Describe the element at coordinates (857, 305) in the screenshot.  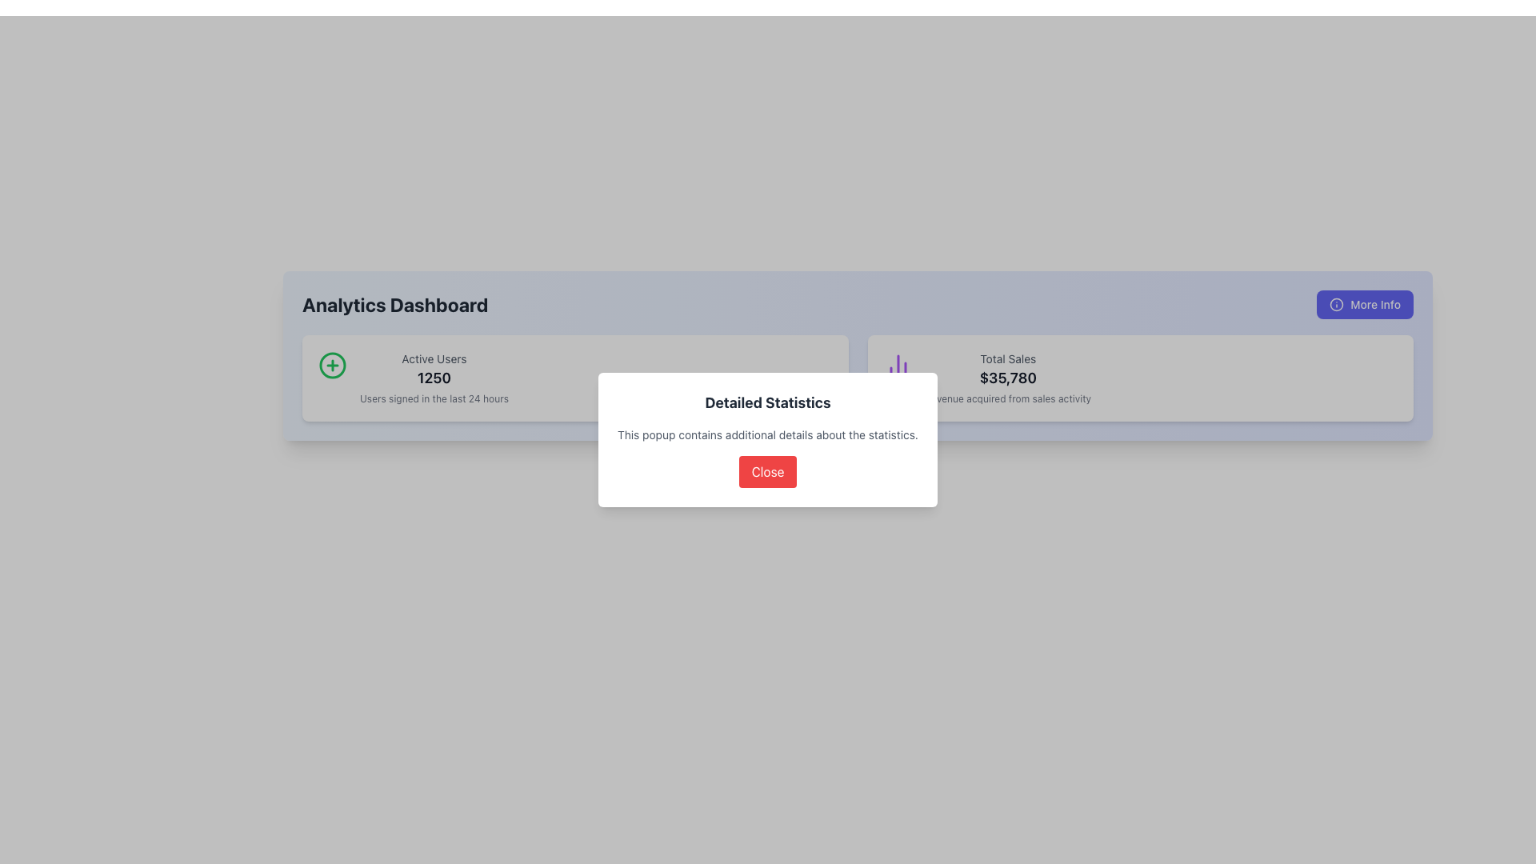
I see `the 'More Info' button on the 'Analytics Dashboard' section` at that location.